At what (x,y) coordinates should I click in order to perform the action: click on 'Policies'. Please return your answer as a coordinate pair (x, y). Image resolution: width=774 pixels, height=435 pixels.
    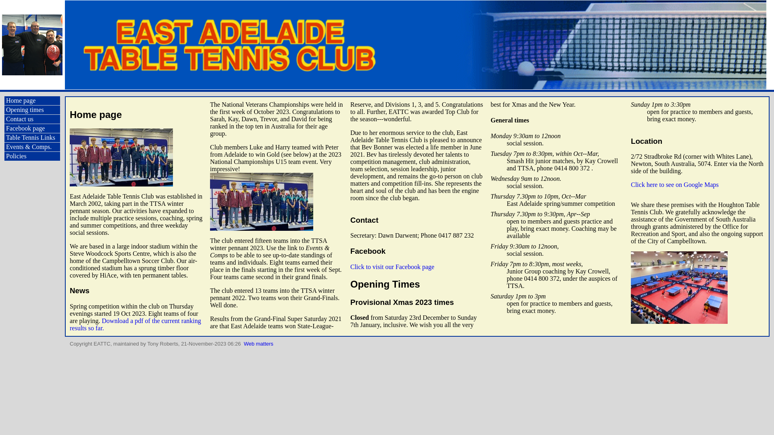
    Looking at the image, I should click on (32, 156).